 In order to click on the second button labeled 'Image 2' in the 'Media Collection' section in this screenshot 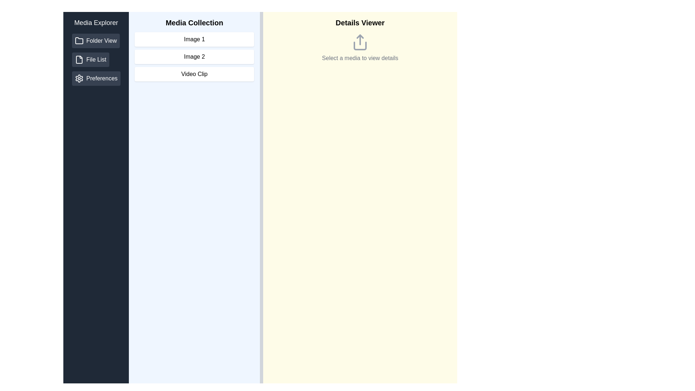, I will do `click(194, 49)`.